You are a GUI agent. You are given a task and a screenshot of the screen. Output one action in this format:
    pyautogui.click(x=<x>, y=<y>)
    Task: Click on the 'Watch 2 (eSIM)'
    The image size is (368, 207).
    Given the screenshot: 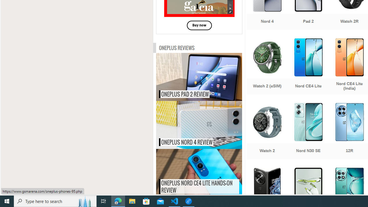 What is the action you would take?
    pyautogui.click(x=267, y=67)
    